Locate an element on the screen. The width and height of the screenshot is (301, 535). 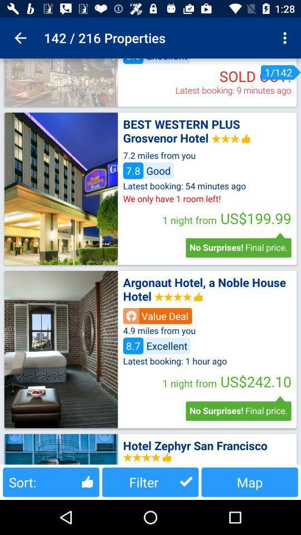
icon to the right of the filter button is located at coordinates (250, 481).